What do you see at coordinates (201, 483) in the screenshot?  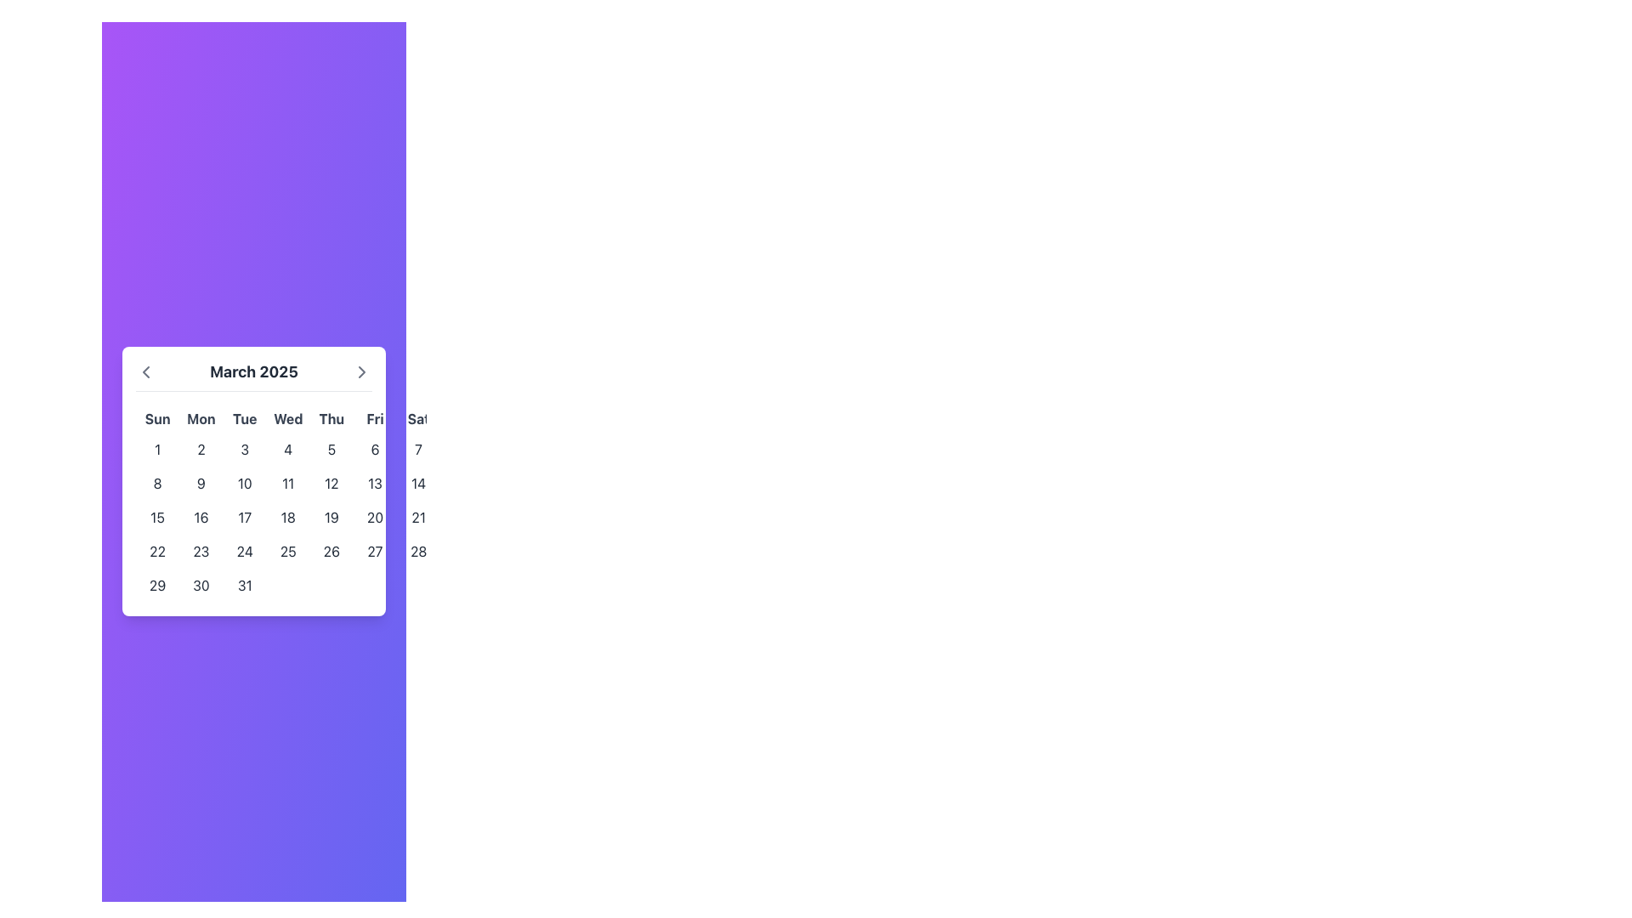 I see `the selectable date button representing the 9th day in the calendar interface for March 2025, which is the second item in the sequence of numbers from 8 to 14` at bounding box center [201, 483].